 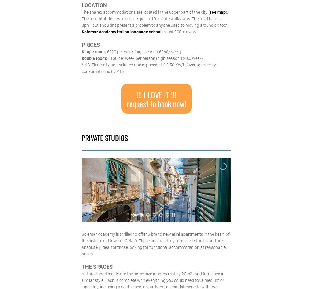 What do you see at coordinates (171, 234) in the screenshot?
I see `'mini apartments'` at bounding box center [171, 234].